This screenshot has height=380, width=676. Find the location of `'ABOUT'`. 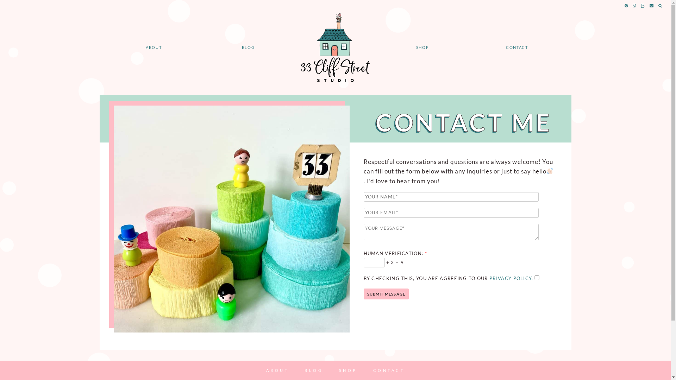

'ABOUT' is located at coordinates (153, 47).